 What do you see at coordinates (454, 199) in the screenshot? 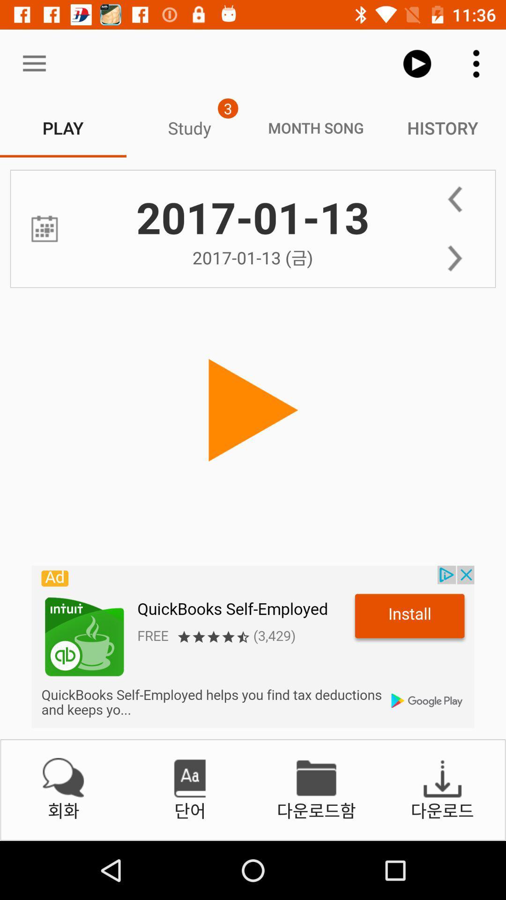
I see `back` at bounding box center [454, 199].